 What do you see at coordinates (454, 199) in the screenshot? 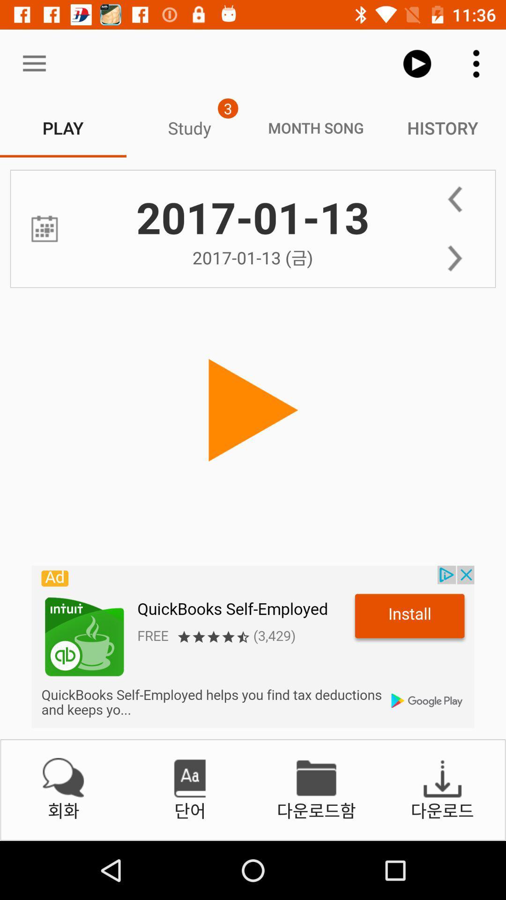
I see `back` at bounding box center [454, 199].